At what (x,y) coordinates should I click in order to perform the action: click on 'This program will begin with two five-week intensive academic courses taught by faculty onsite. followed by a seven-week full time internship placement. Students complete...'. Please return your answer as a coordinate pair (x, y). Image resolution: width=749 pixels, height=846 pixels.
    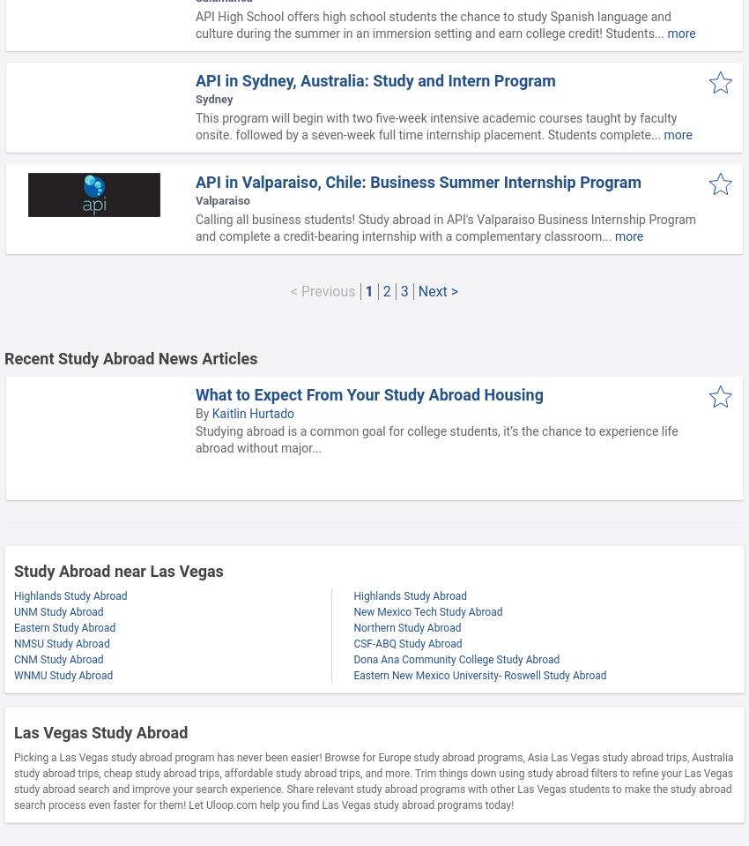
    Looking at the image, I should click on (436, 125).